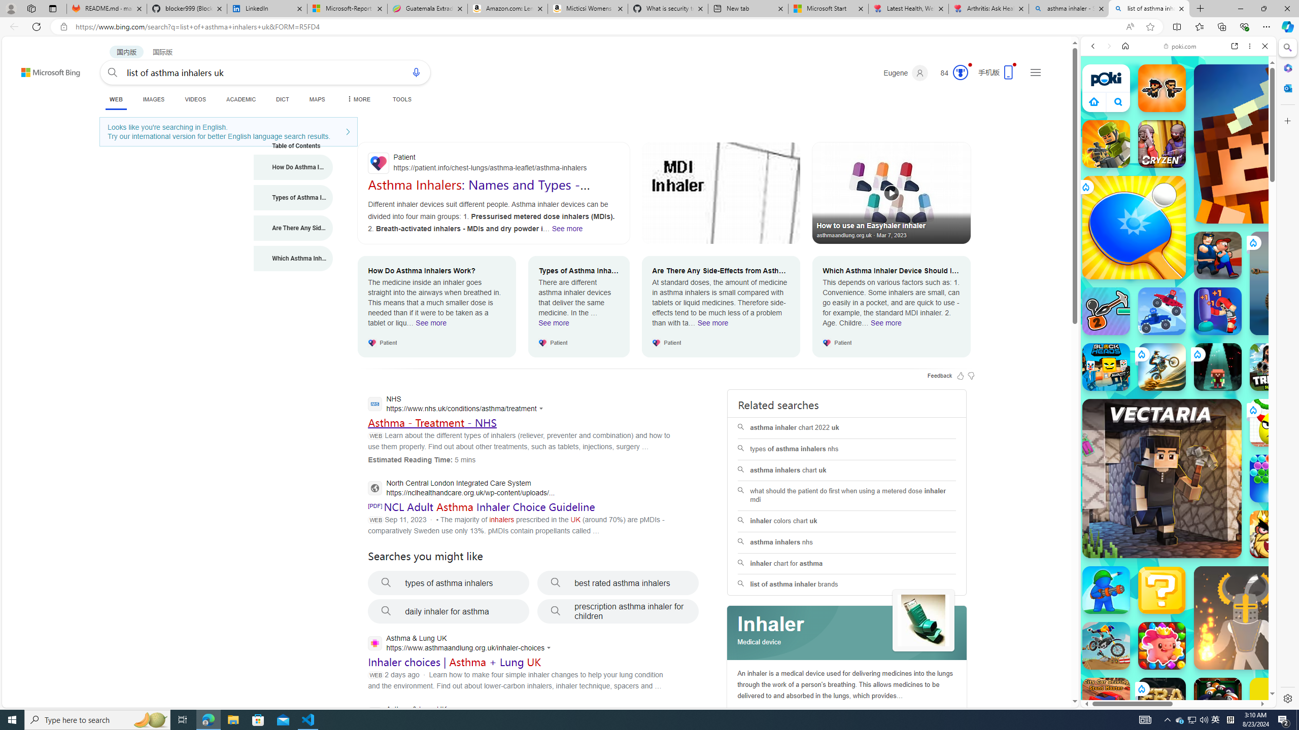 The height and width of the screenshot is (730, 1299). What do you see at coordinates (1279, 466) in the screenshot?
I see `'Crazy Cars'` at bounding box center [1279, 466].